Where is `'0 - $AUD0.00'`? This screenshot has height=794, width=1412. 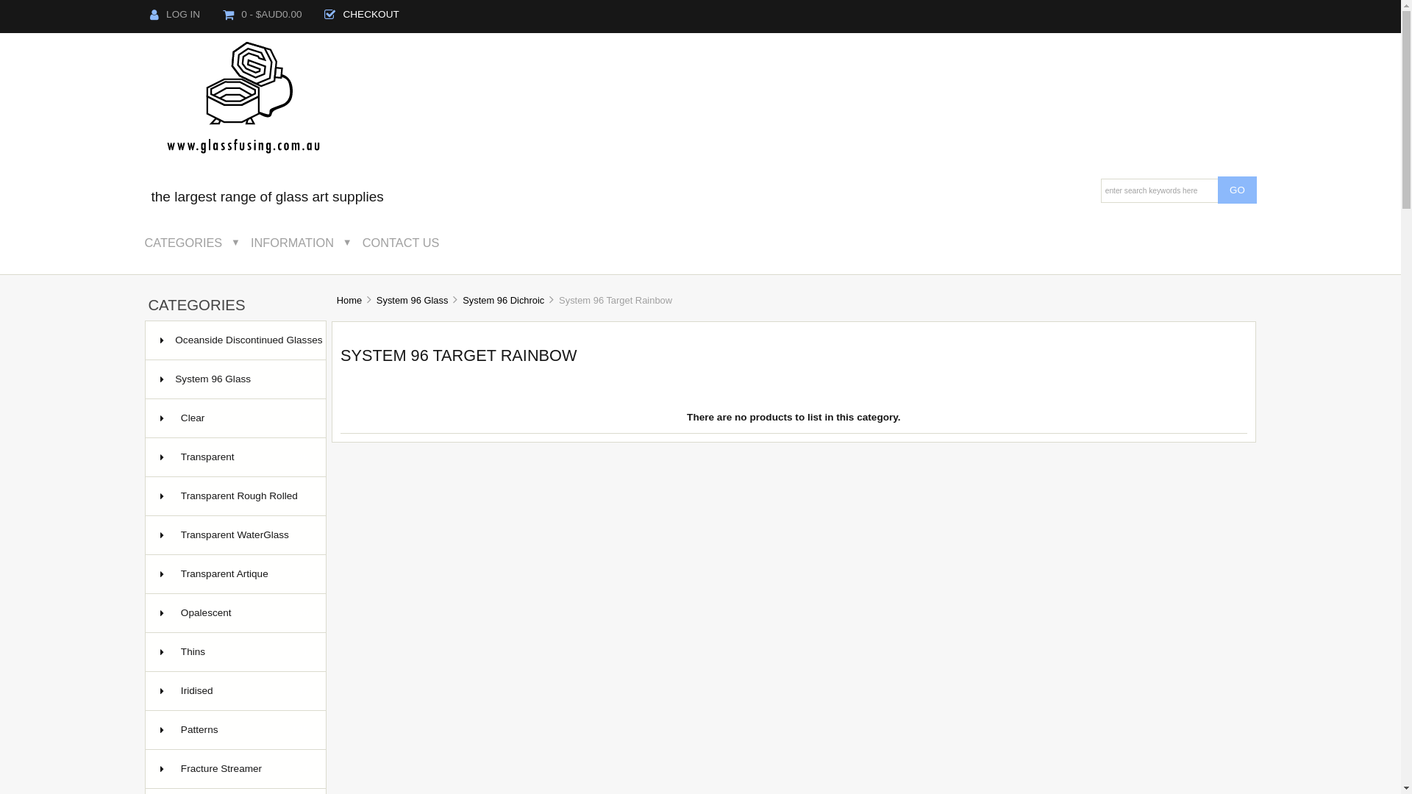 '0 - $AUD0.00' is located at coordinates (263, 14).